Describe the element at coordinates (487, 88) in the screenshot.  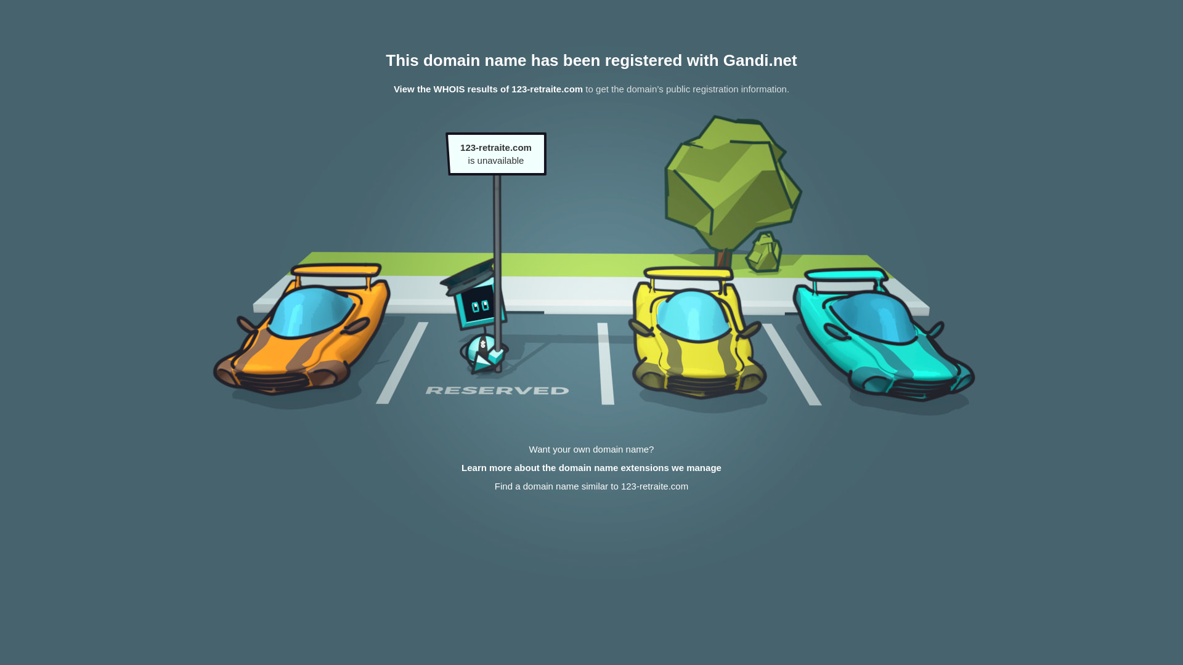
I see `'View the WHOIS results of 123-retraite.com'` at that location.